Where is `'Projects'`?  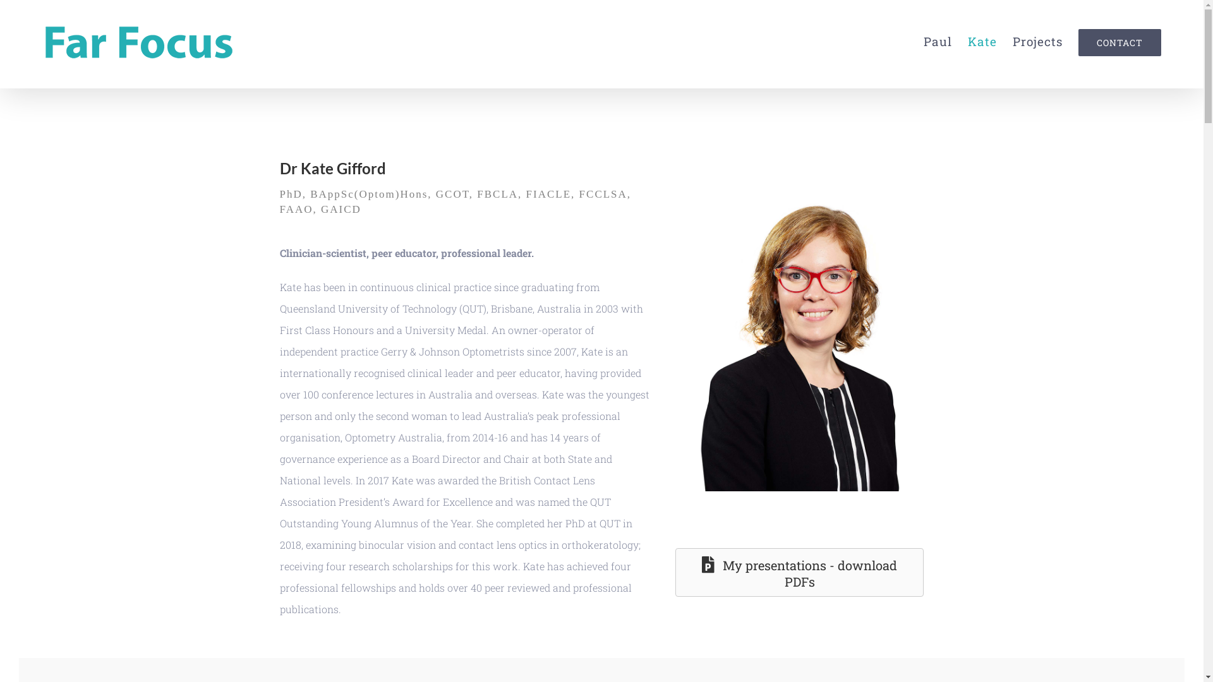 'Projects' is located at coordinates (1037, 40).